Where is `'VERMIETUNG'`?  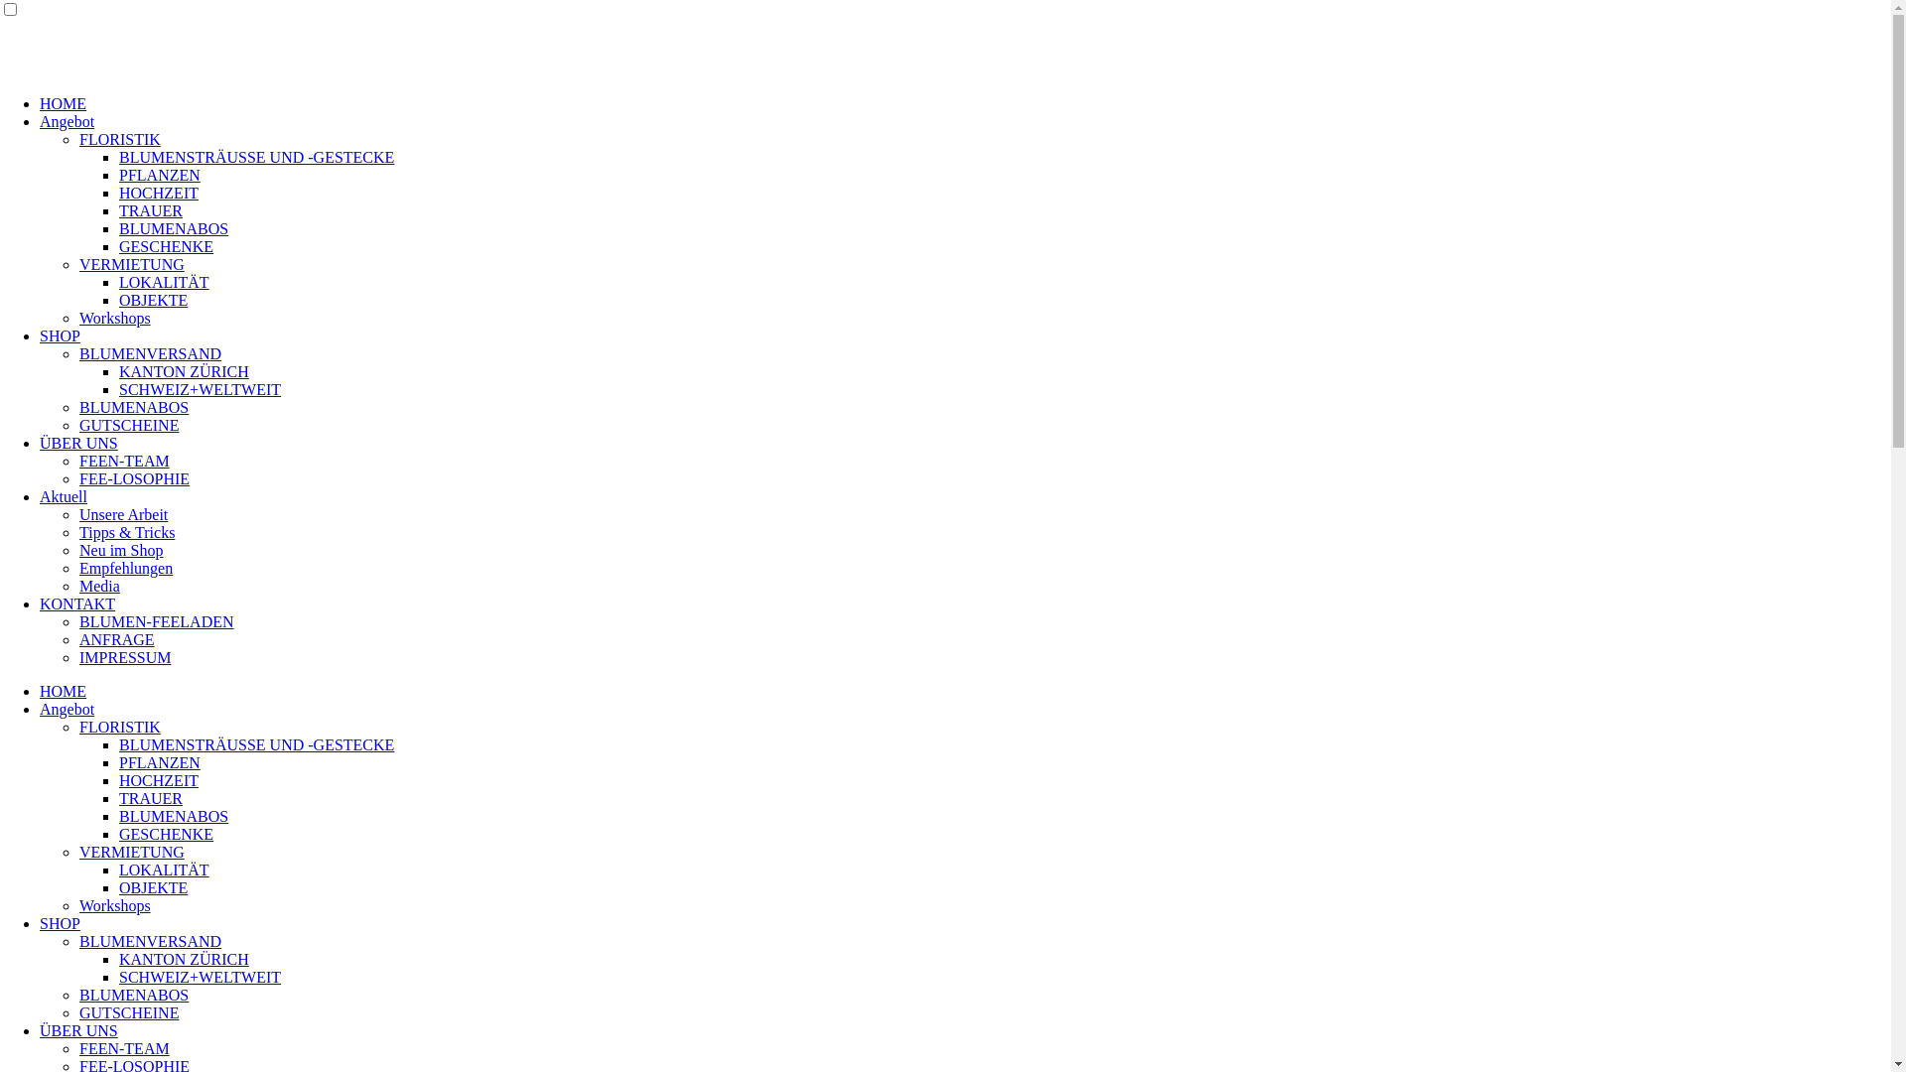 'VERMIETUNG' is located at coordinates (131, 851).